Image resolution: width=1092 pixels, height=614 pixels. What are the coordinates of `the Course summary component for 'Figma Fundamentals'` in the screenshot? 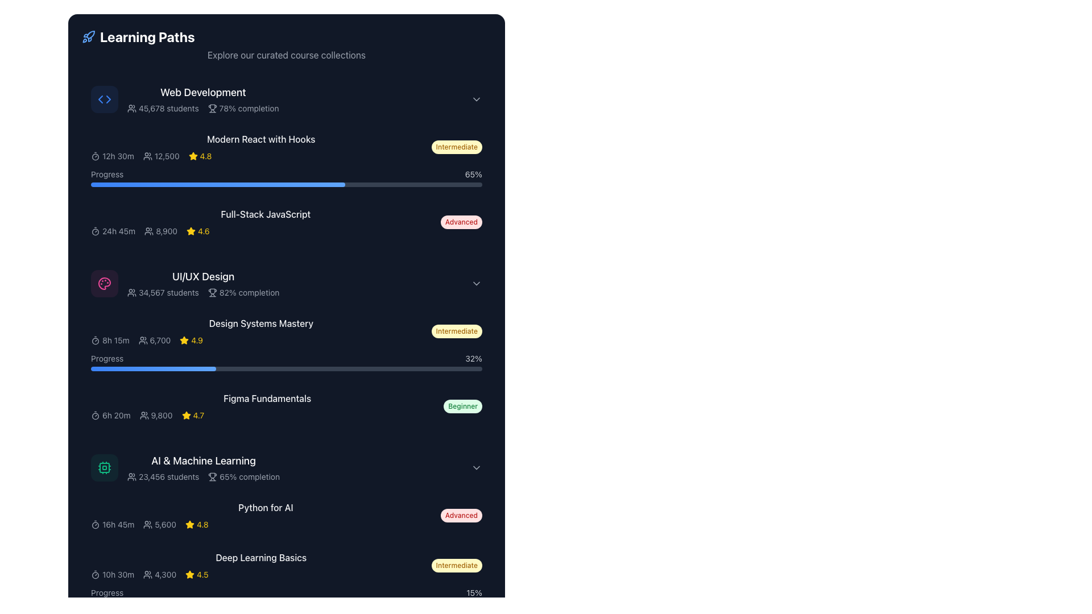 It's located at (267, 405).